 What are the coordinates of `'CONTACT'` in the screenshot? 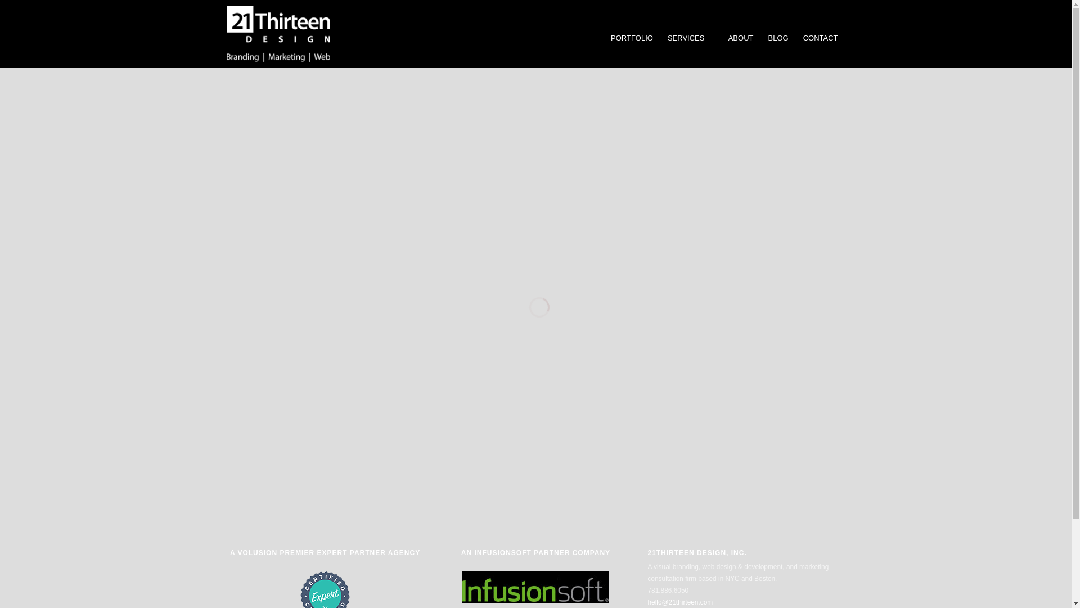 It's located at (795, 38).